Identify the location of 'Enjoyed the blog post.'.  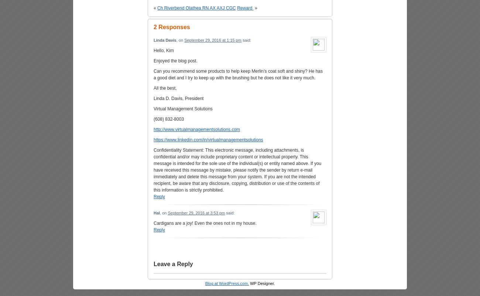
(175, 61).